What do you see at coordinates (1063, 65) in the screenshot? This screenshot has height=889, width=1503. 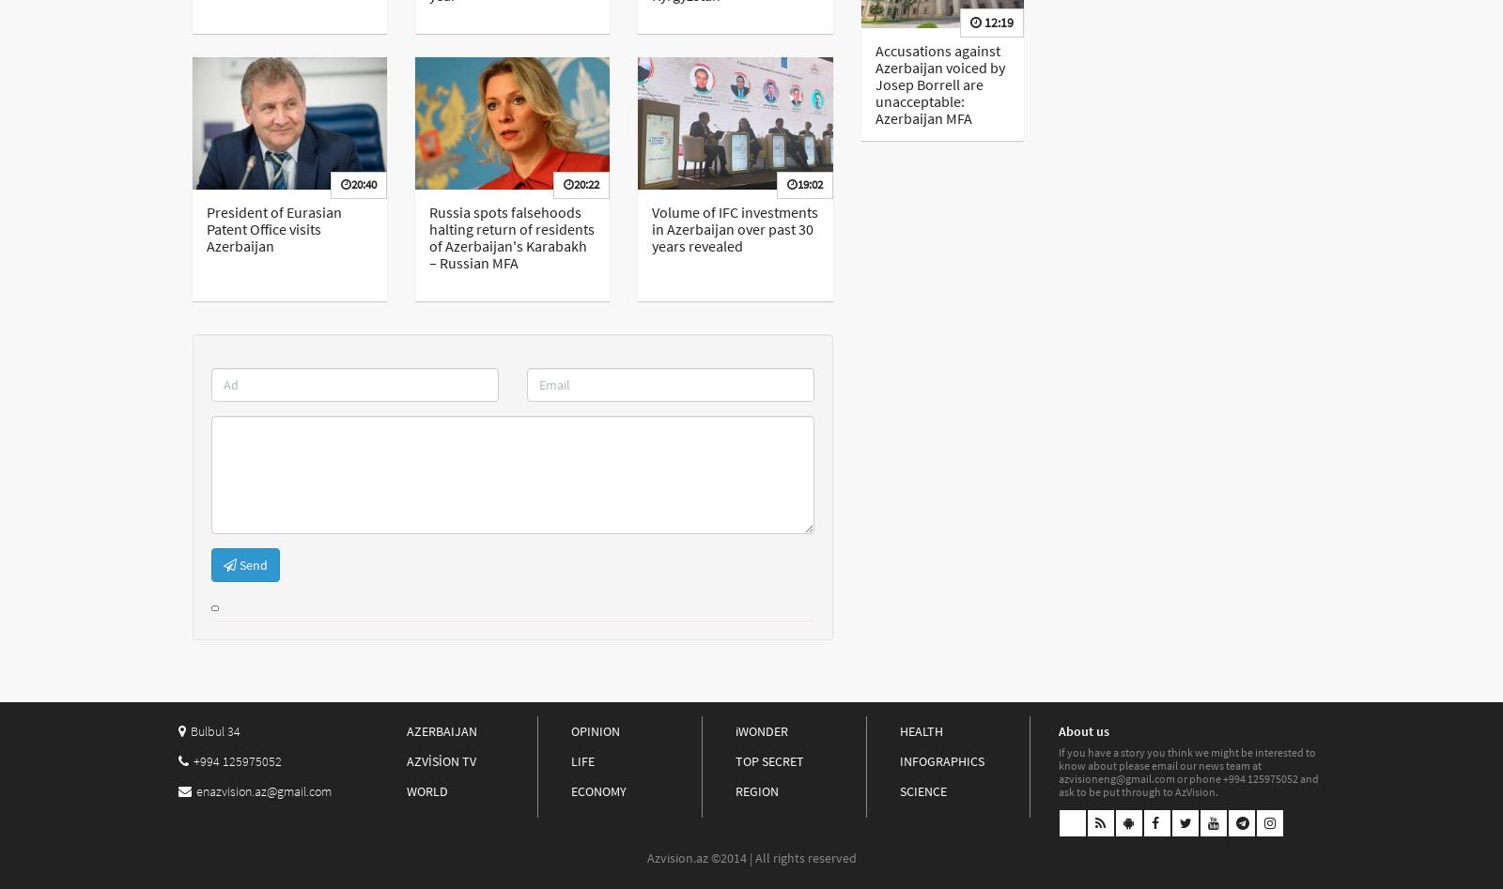 I see `'11:44'` at bounding box center [1063, 65].